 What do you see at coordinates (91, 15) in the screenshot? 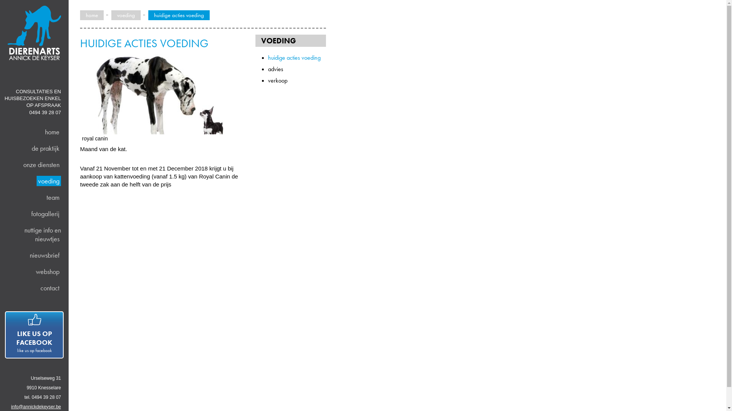
I see `'home'` at bounding box center [91, 15].